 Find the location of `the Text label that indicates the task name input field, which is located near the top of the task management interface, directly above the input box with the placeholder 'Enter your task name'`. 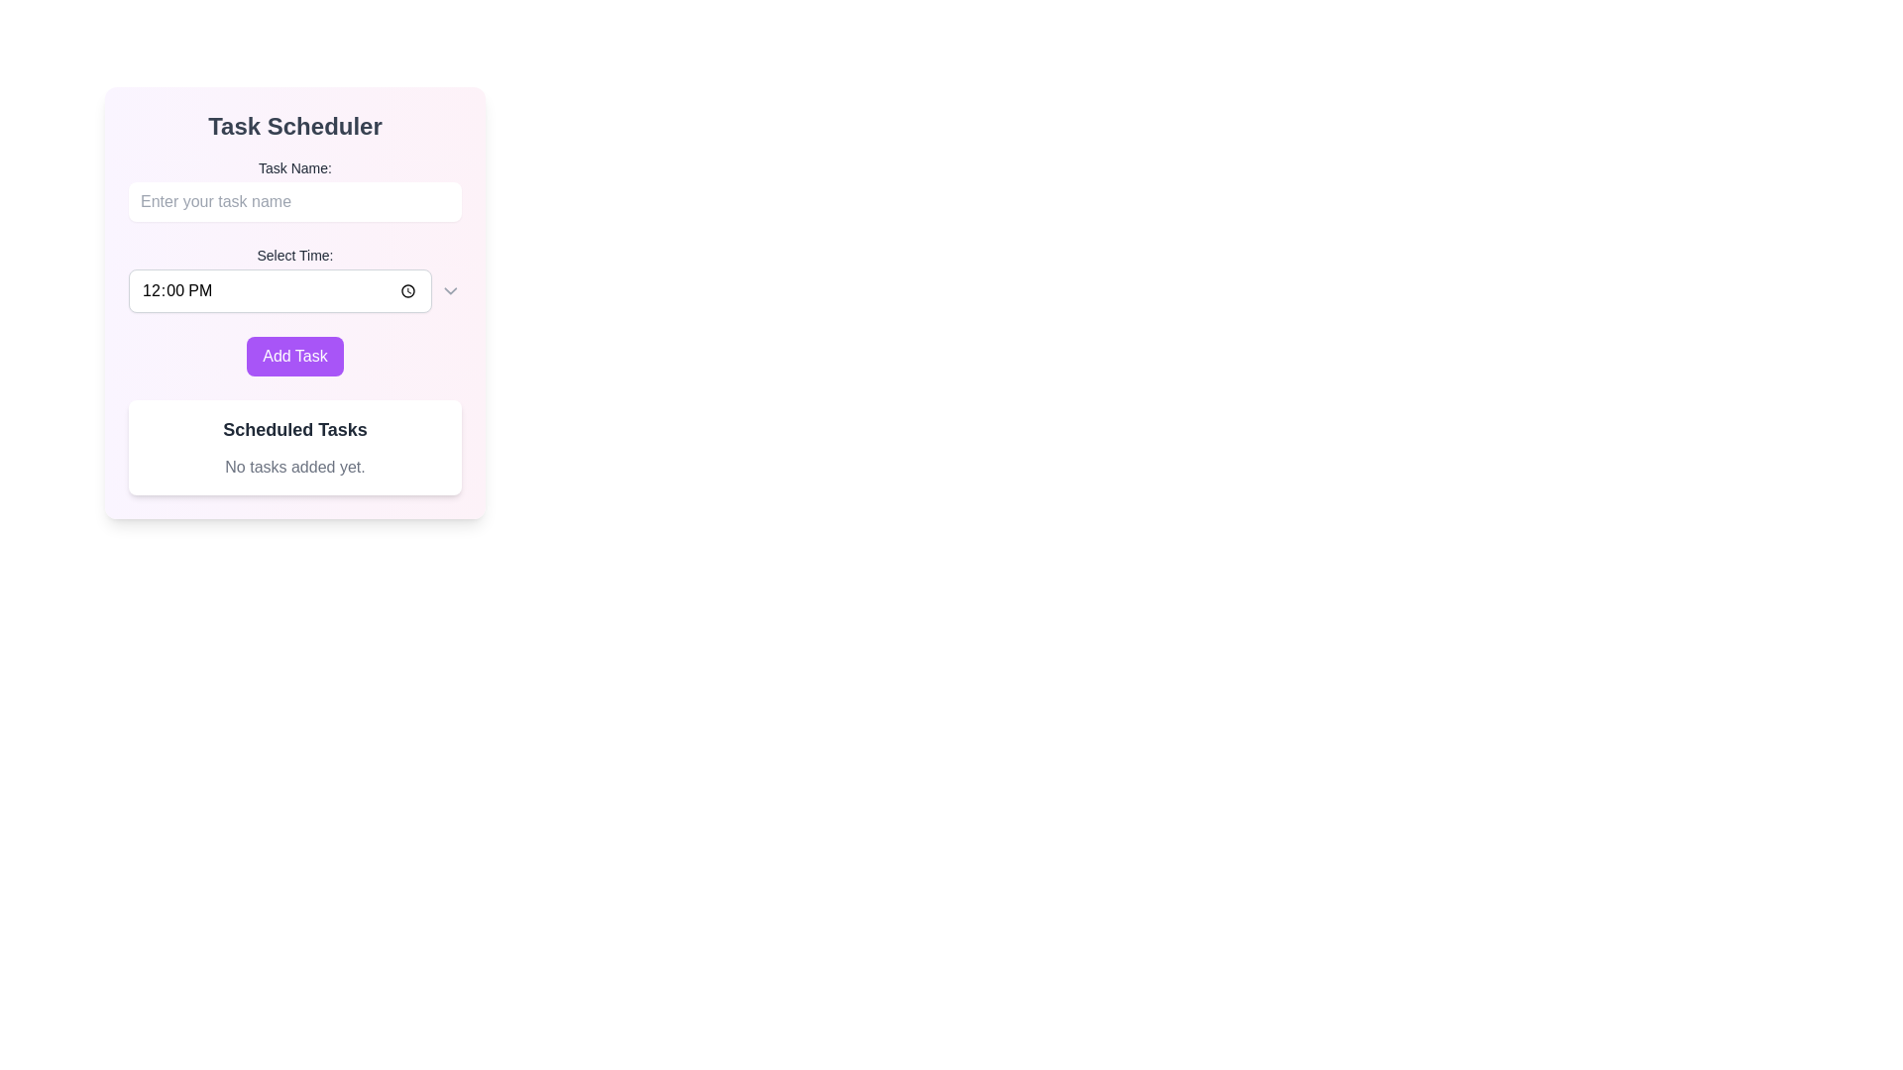

the Text label that indicates the task name input field, which is located near the top of the task management interface, directly above the input box with the placeholder 'Enter your task name' is located at coordinates (293, 166).